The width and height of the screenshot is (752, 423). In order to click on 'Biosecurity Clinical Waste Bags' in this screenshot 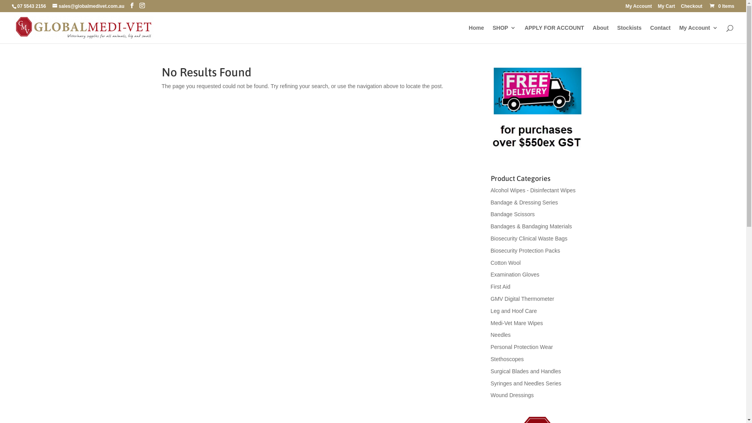, I will do `click(528, 238)`.